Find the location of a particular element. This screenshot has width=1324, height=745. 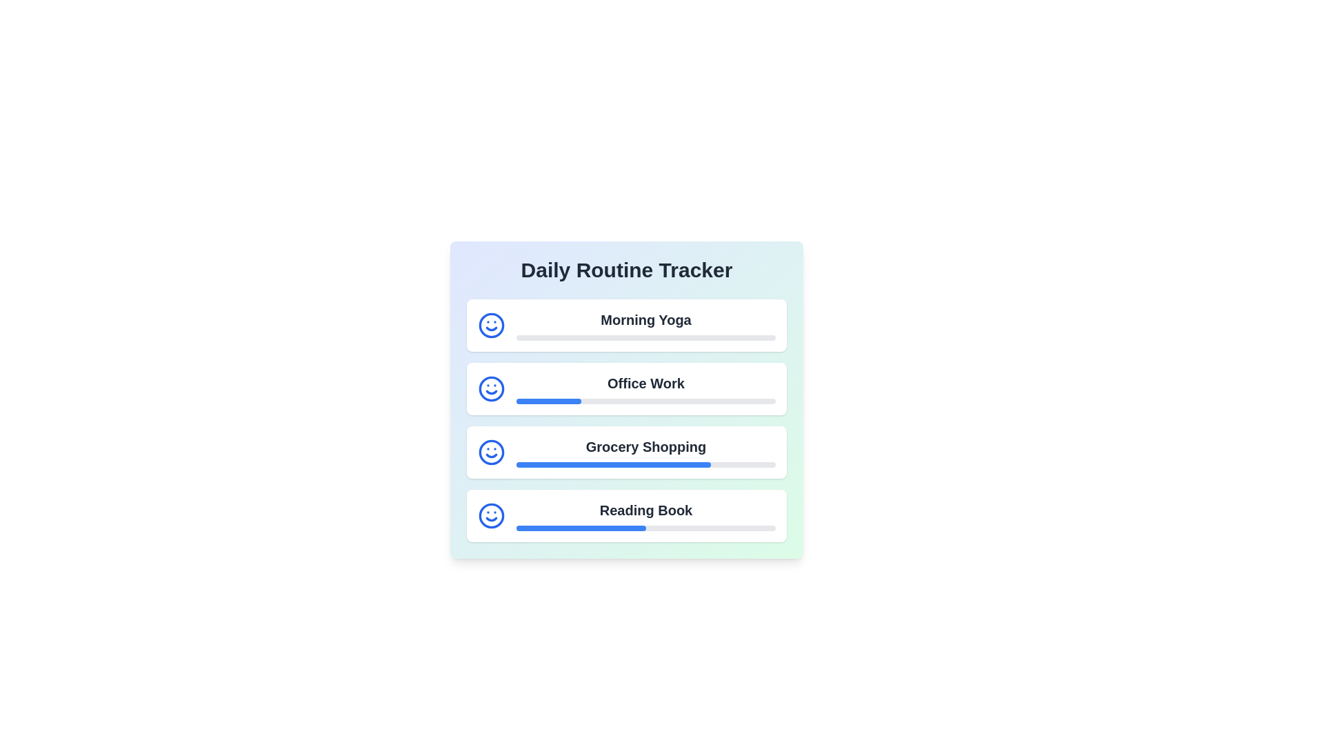

the routine item Grocery Shopping to see additional information is located at coordinates (625, 452).